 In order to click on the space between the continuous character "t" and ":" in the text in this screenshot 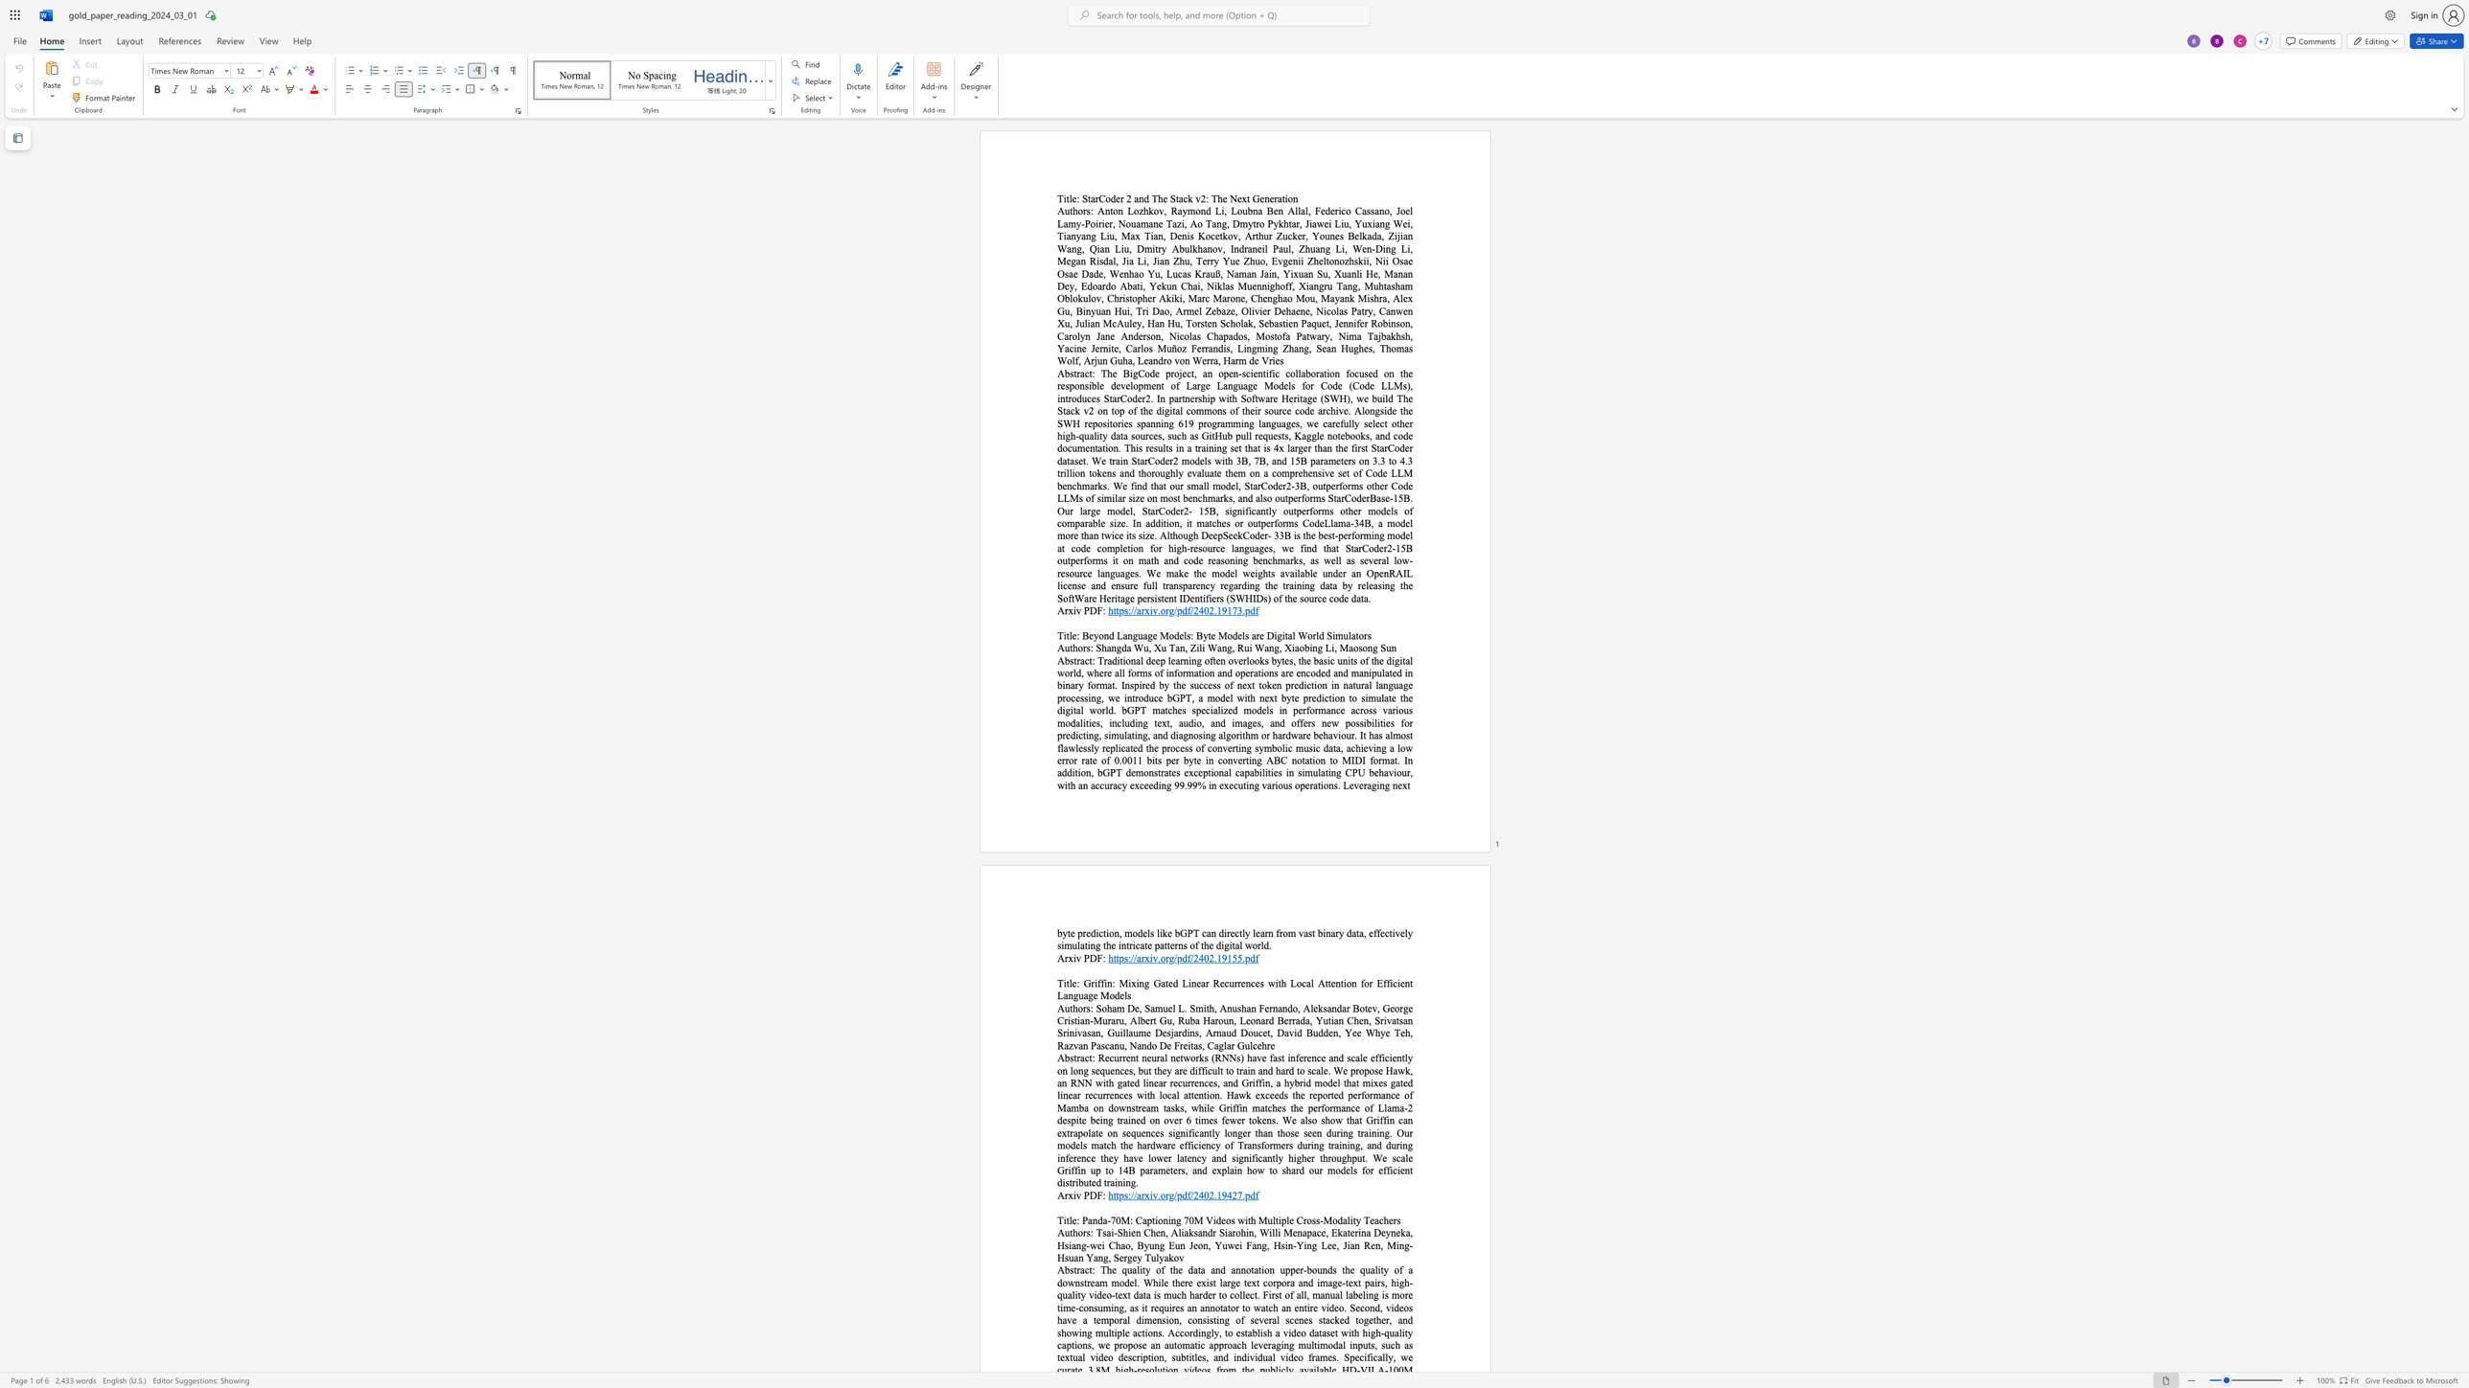, I will do `click(1091, 1057)`.